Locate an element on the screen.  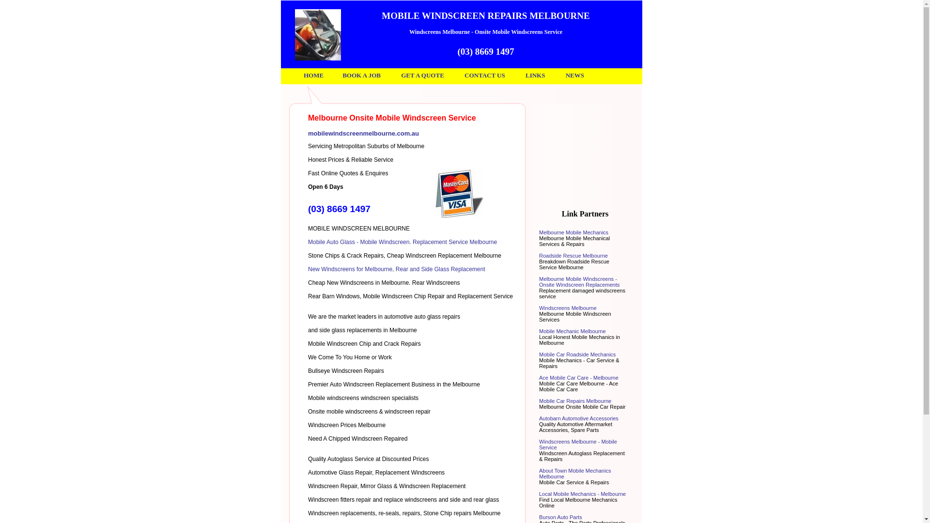
'Mobile Mechanic Melbourne' is located at coordinates (539, 330).